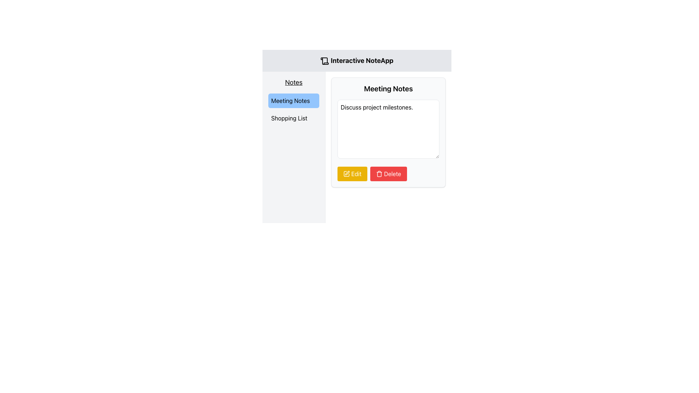 This screenshot has width=699, height=393. What do you see at coordinates (293, 109) in the screenshot?
I see `the highlighted topmost item 'Meeting Notes' in the list under the title 'Notes'` at bounding box center [293, 109].